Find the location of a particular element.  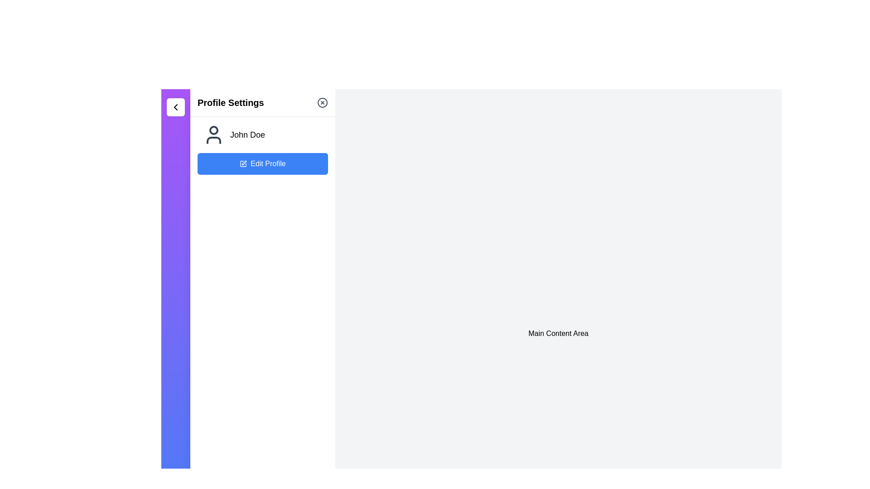

the small circular icon button featuring an 'X' shape in the center is located at coordinates (322, 102).